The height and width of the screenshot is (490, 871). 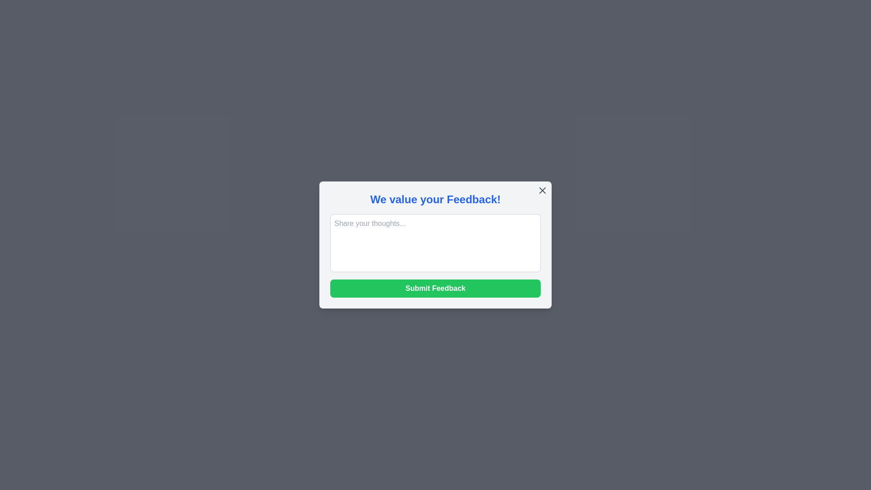 What do you see at coordinates (435, 199) in the screenshot?
I see `the header text 'We value your Feedback!' to read its content` at bounding box center [435, 199].